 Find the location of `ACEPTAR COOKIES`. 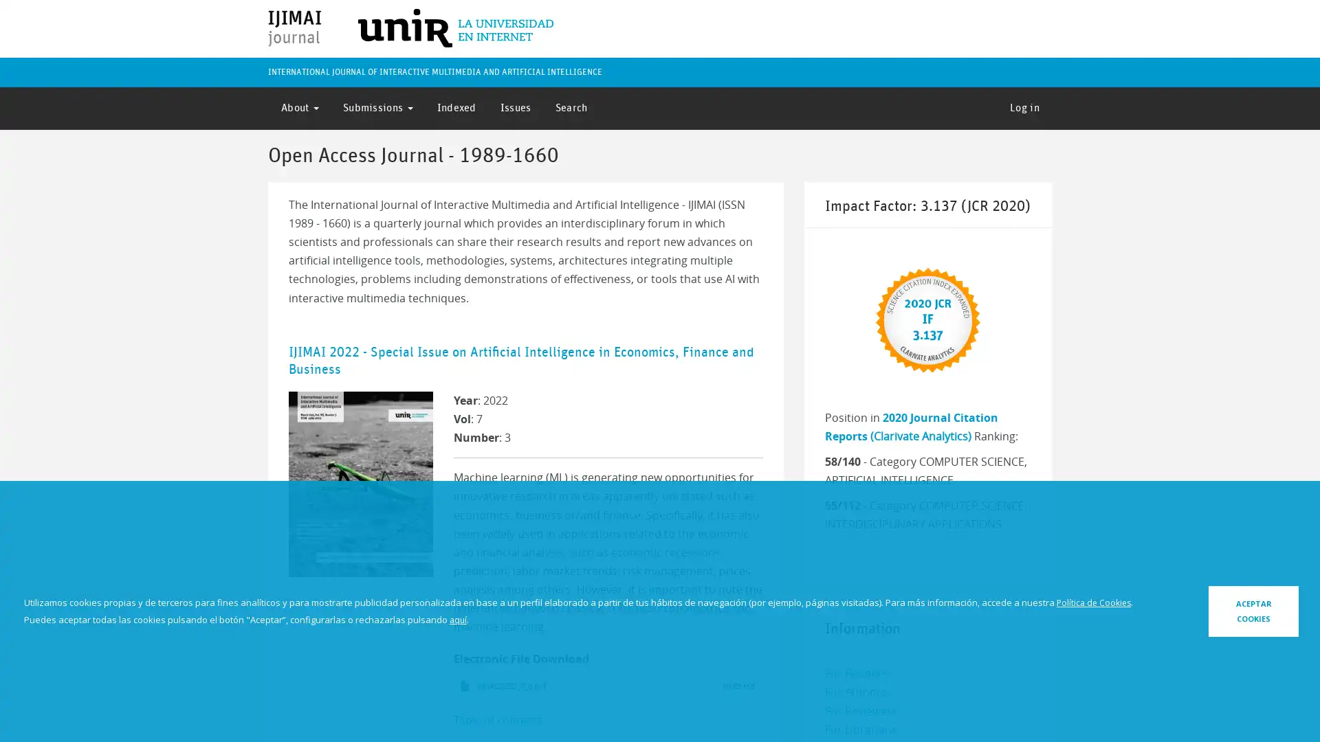

ACEPTAR COOKIES is located at coordinates (1215, 610).